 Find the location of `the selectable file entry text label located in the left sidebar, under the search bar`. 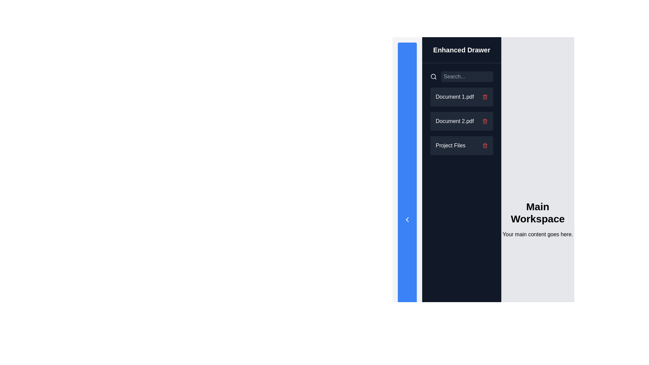

the selectable file entry text label located in the left sidebar, under the search bar is located at coordinates (455, 97).